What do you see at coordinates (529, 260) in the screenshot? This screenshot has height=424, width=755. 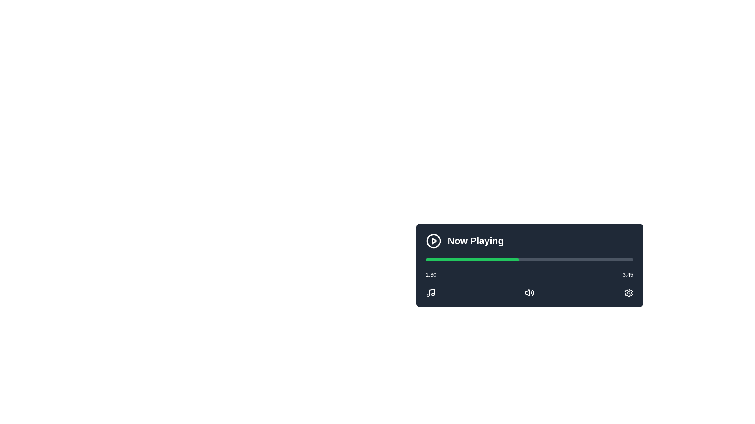 I see `the Progress Bar indicating playback progress of a media item, located below the 'Now Playing' label and above the timestamp indicators` at bounding box center [529, 260].